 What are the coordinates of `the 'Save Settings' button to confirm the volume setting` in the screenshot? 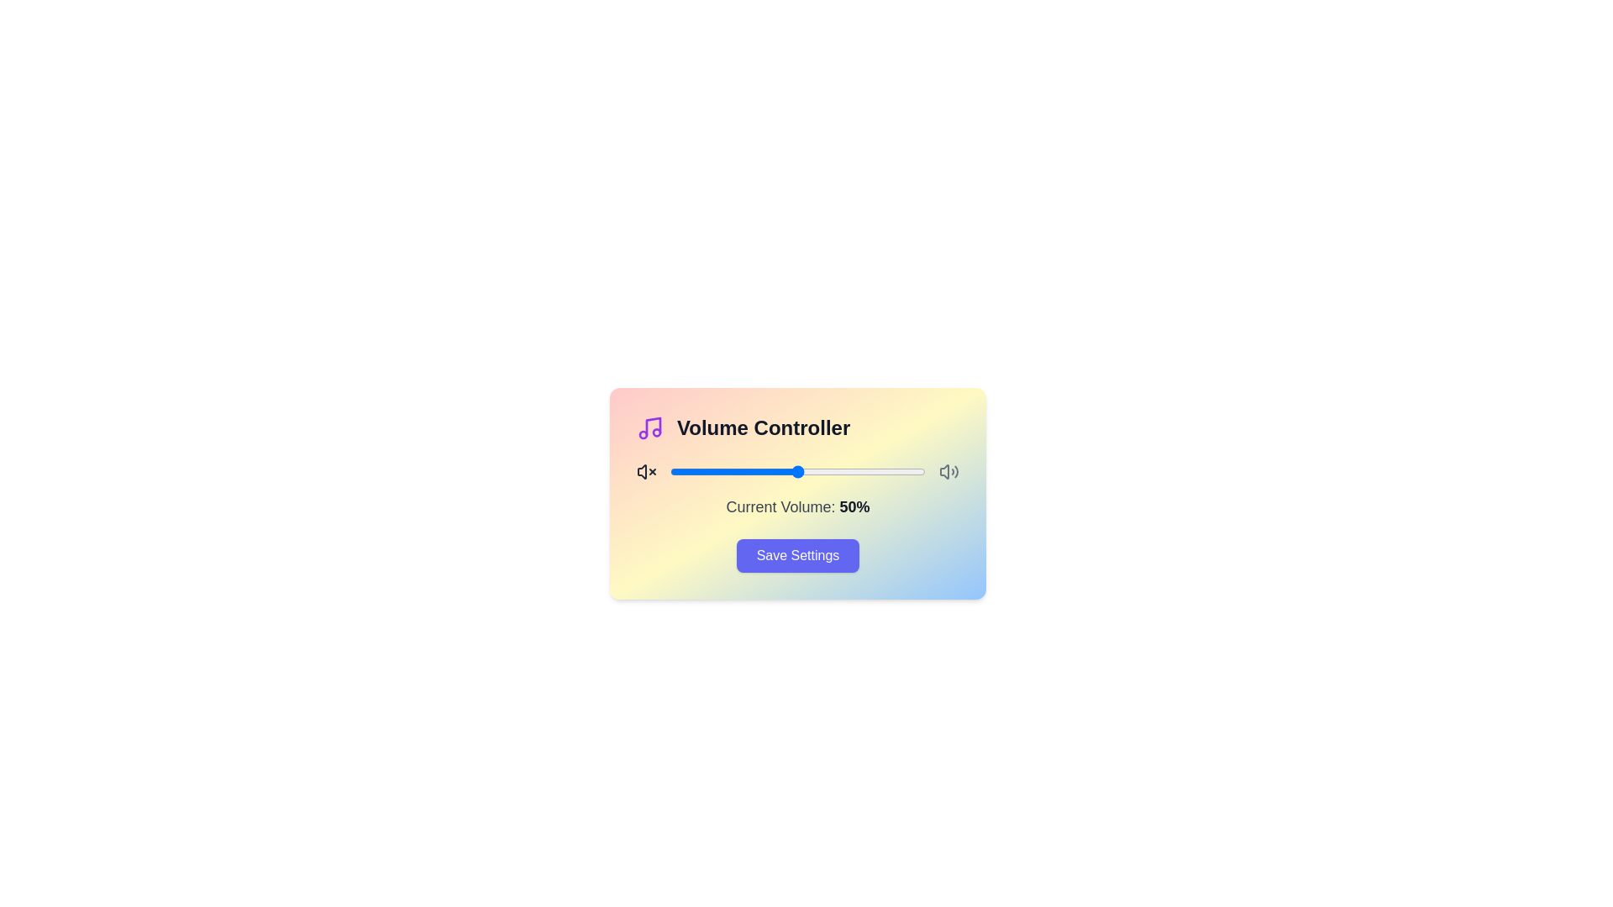 It's located at (797, 556).